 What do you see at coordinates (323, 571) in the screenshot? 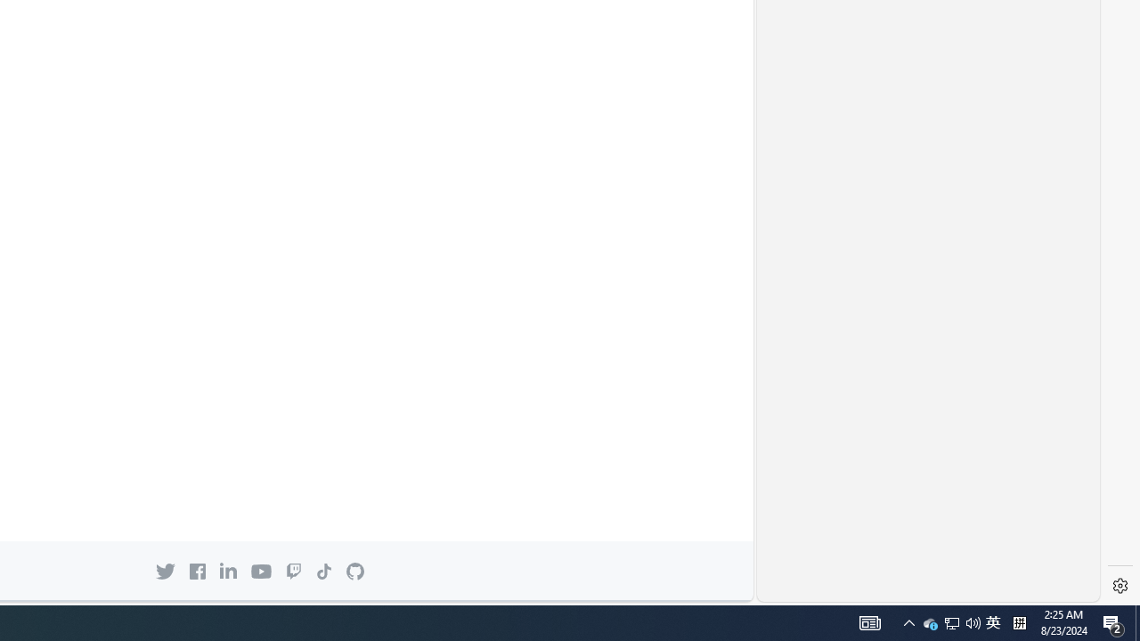
I see `'GitHub on TikTok'` at bounding box center [323, 571].